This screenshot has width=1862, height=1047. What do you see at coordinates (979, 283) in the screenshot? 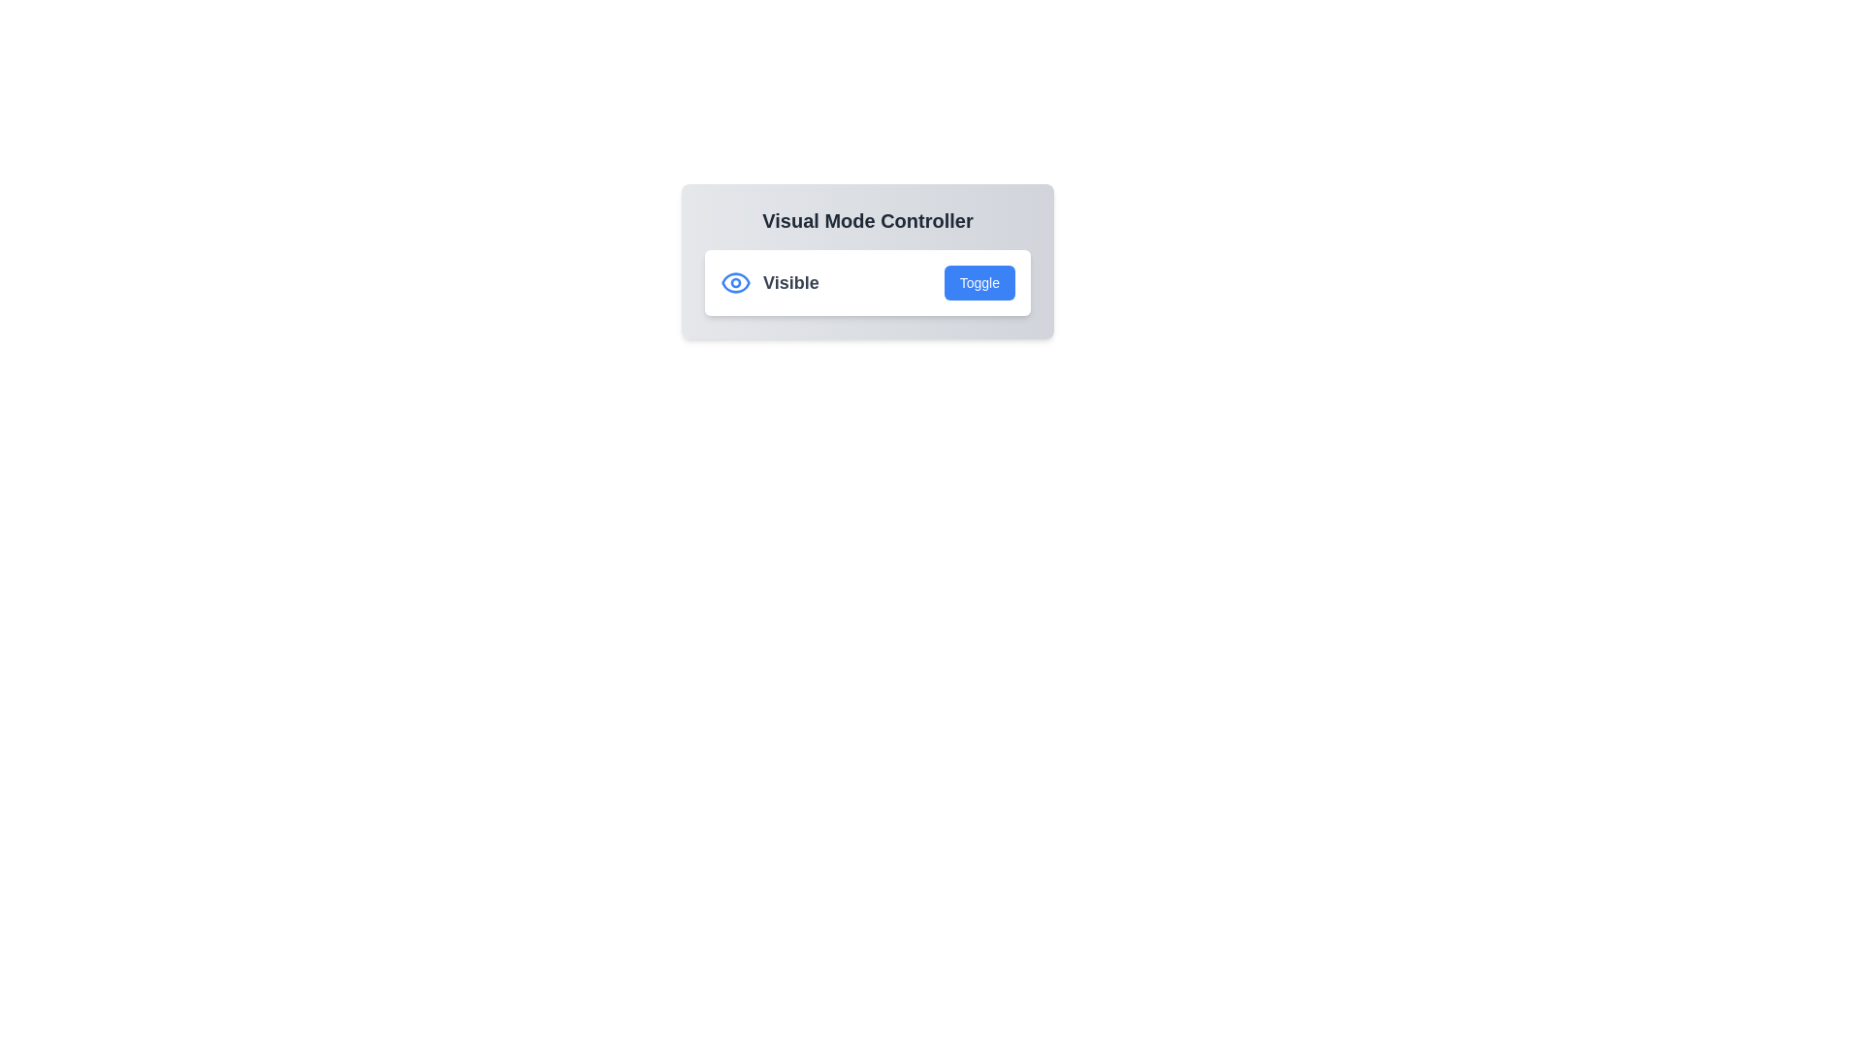
I see `toggle button to change the visibility state` at bounding box center [979, 283].